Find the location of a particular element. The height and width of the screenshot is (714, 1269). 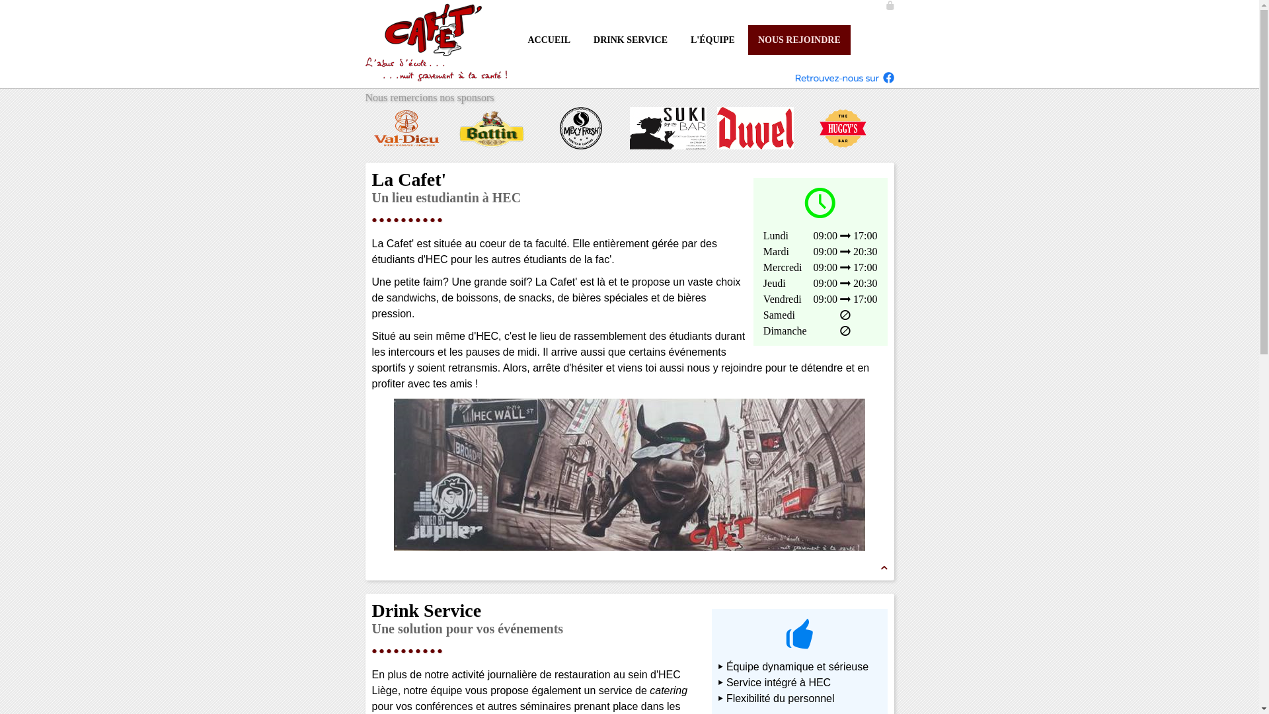

'ACCUEIL' is located at coordinates (549, 39).